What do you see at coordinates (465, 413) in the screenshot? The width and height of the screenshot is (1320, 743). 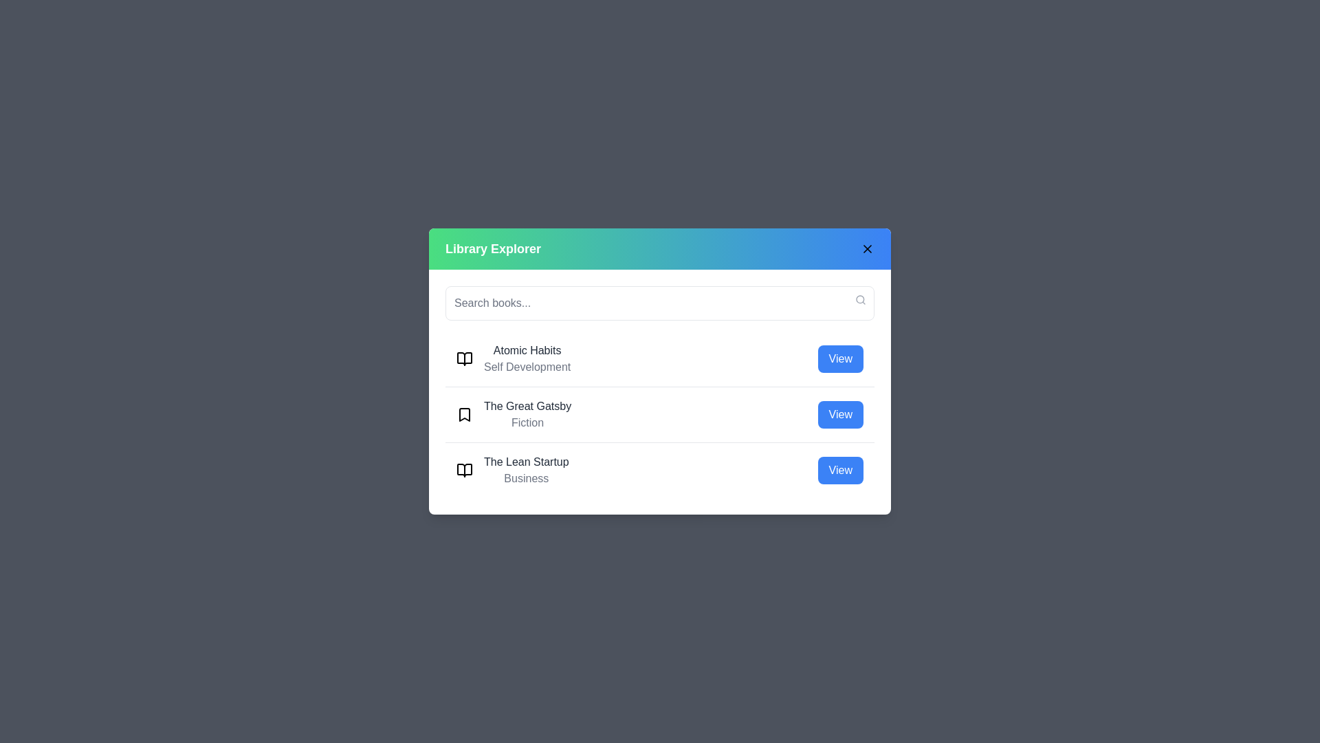 I see `the book icon for The Great Gatsby to interact with it` at bounding box center [465, 413].